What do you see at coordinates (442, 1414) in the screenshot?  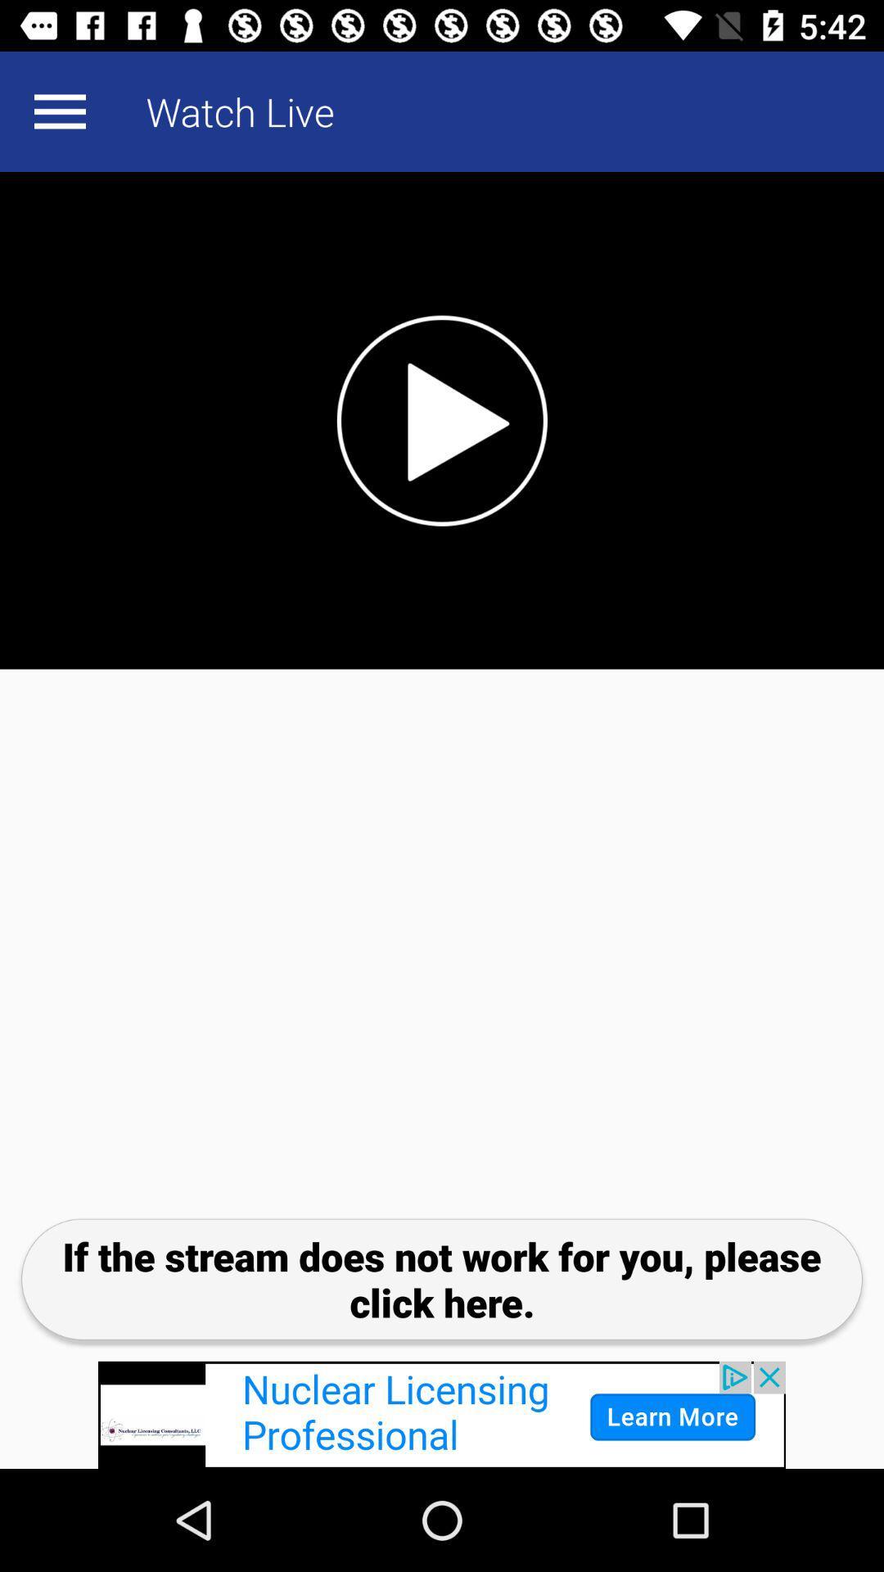 I see `advertisement` at bounding box center [442, 1414].